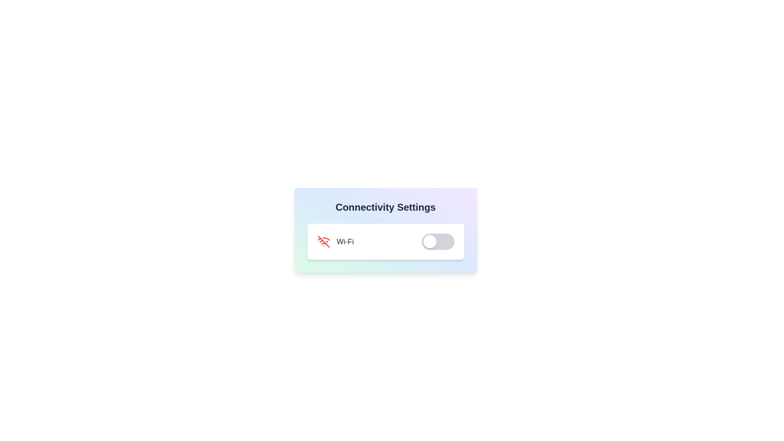 This screenshot has width=784, height=441. Describe the element at coordinates (345, 241) in the screenshot. I see `the text label displaying 'Wi-Fi', which is located within the 'Connectivity Settings' card section, adjacent to a red Wi-Fi symbol and a toggle switch` at that location.